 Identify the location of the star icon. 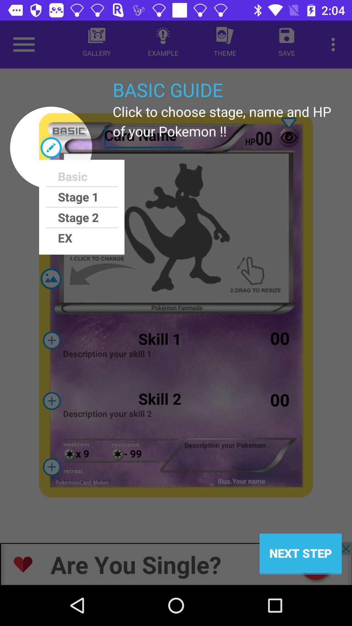
(70, 454).